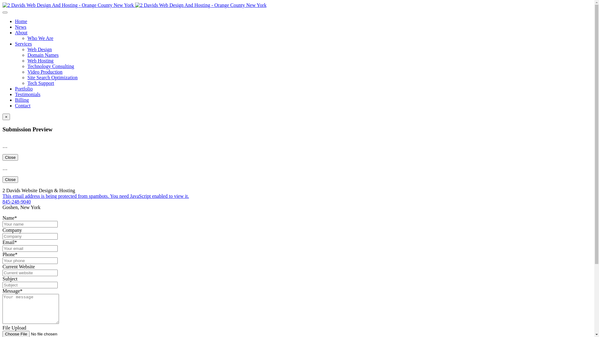 This screenshot has width=599, height=337. Describe the element at coordinates (51, 66) in the screenshot. I see `'Technology Consulting'` at that location.